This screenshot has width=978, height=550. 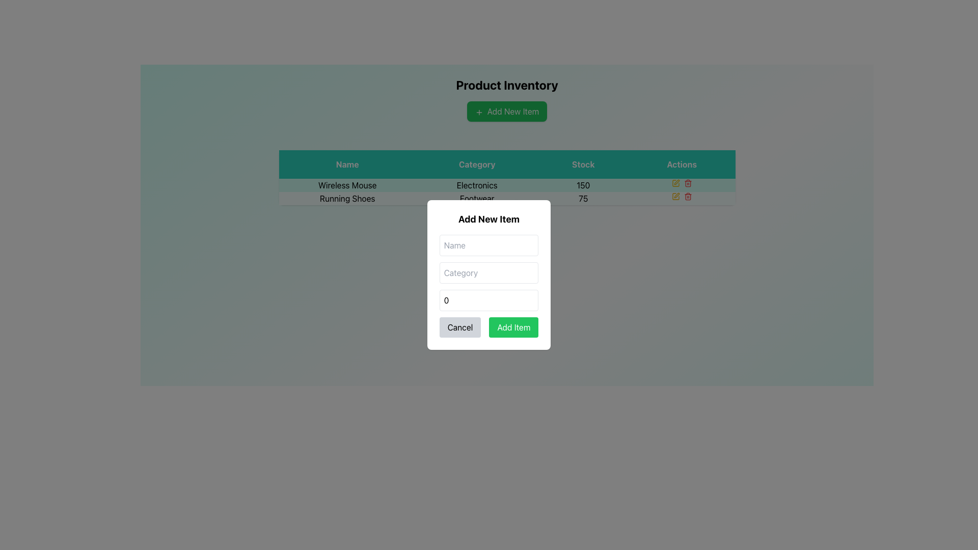 What do you see at coordinates (682, 164) in the screenshot?
I see `the text label with a green background that displays the word 'Actions', located in the header row of the table` at bounding box center [682, 164].